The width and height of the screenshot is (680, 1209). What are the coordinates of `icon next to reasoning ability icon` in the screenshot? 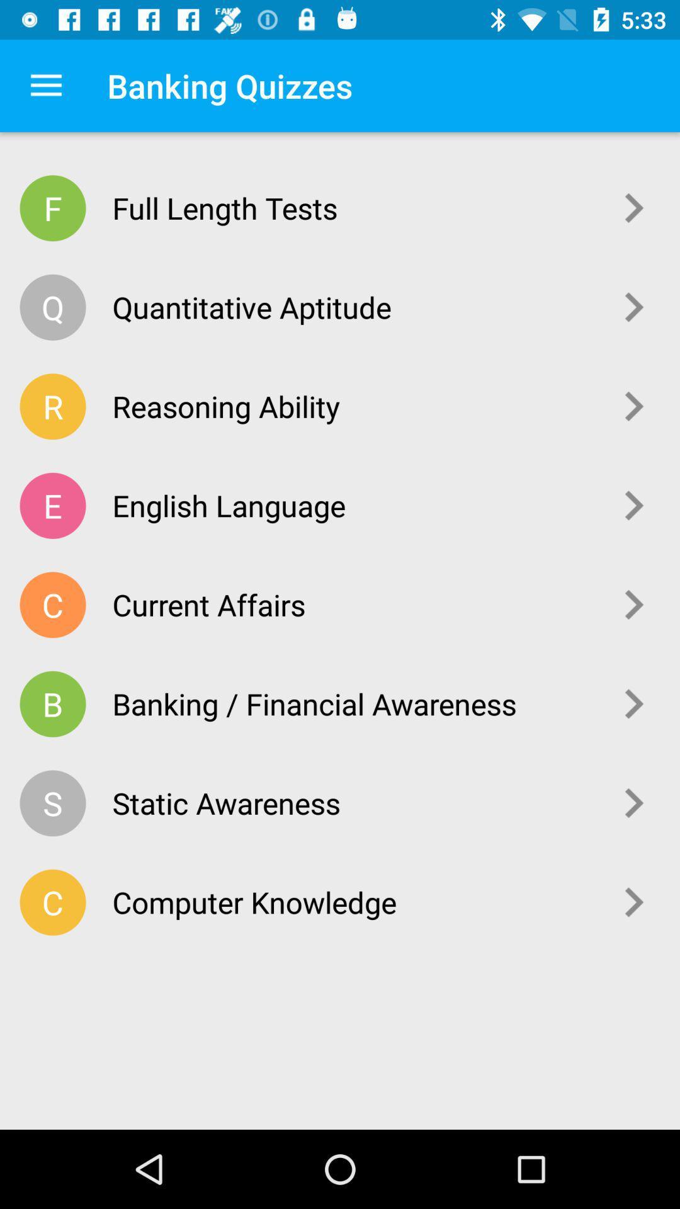 It's located at (634, 406).